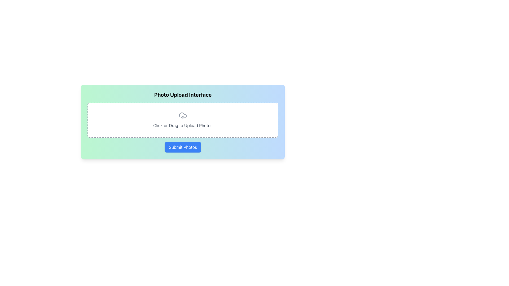 The width and height of the screenshot is (509, 286). I want to click on the upper boundary of the cloud icon, which visually emphasizes the upload functionality, located above the 'Click or Drag to Upload Photos' text, so click(183, 115).